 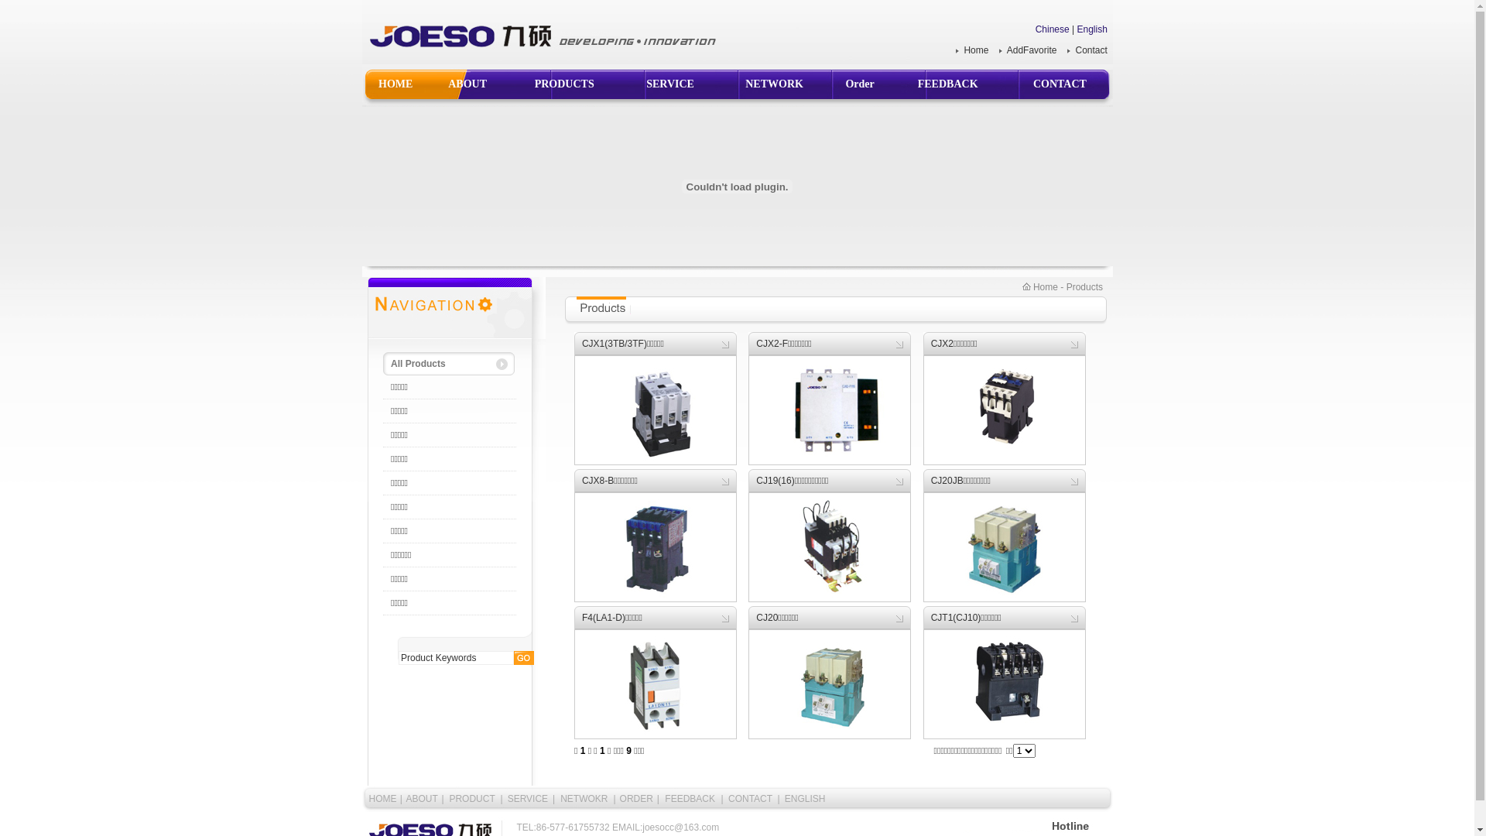 I want to click on 'ENGLISH', so click(x=784, y=799).